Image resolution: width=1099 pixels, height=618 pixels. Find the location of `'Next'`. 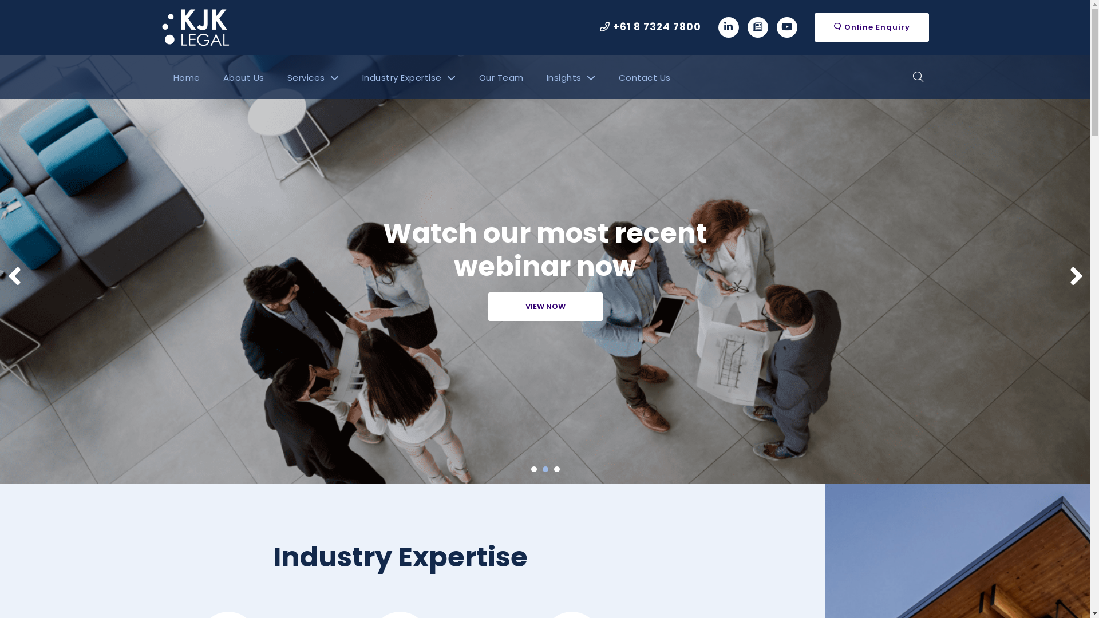

'Next' is located at coordinates (1068, 276).